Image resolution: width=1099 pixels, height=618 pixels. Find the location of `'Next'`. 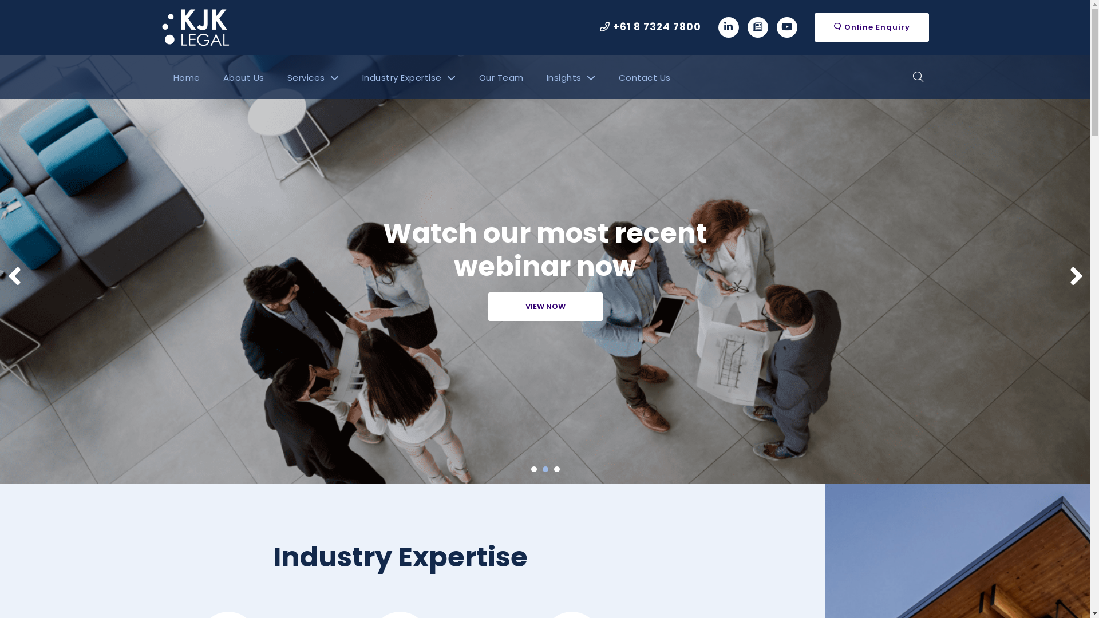

'Next' is located at coordinates (1068, 276).